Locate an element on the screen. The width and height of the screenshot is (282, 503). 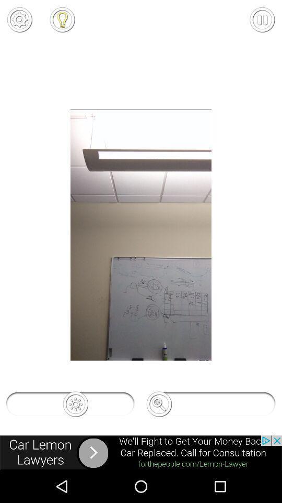
the pause icon is located at coordinates (262, 19).